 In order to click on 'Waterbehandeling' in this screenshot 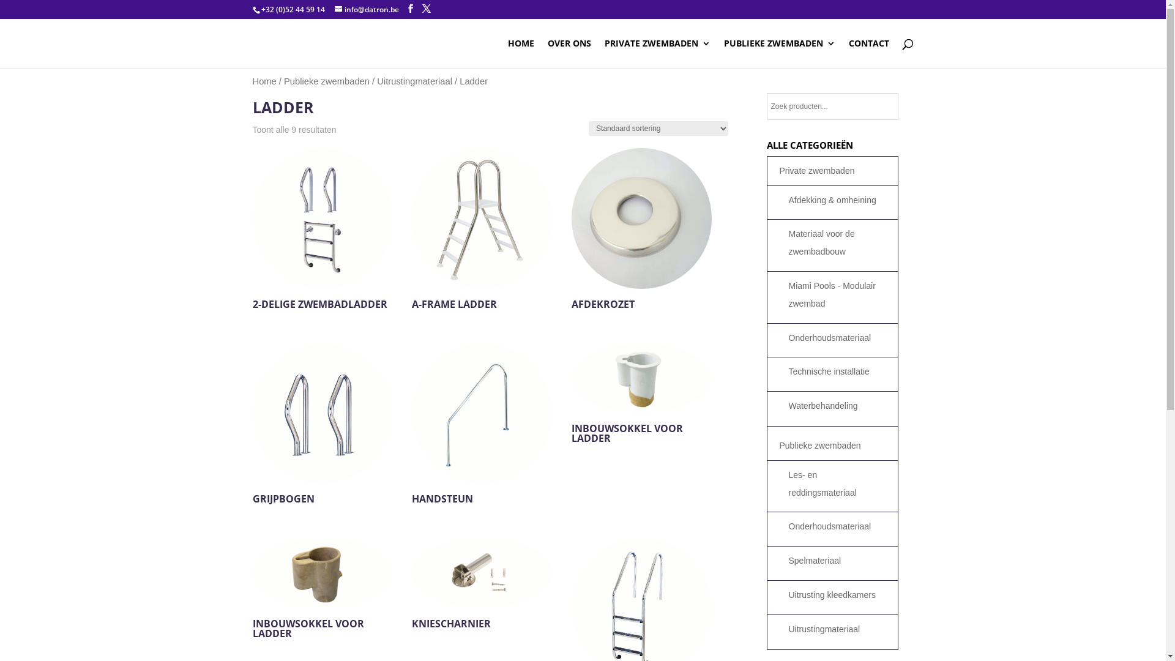, I will do `click(836, 406)`.